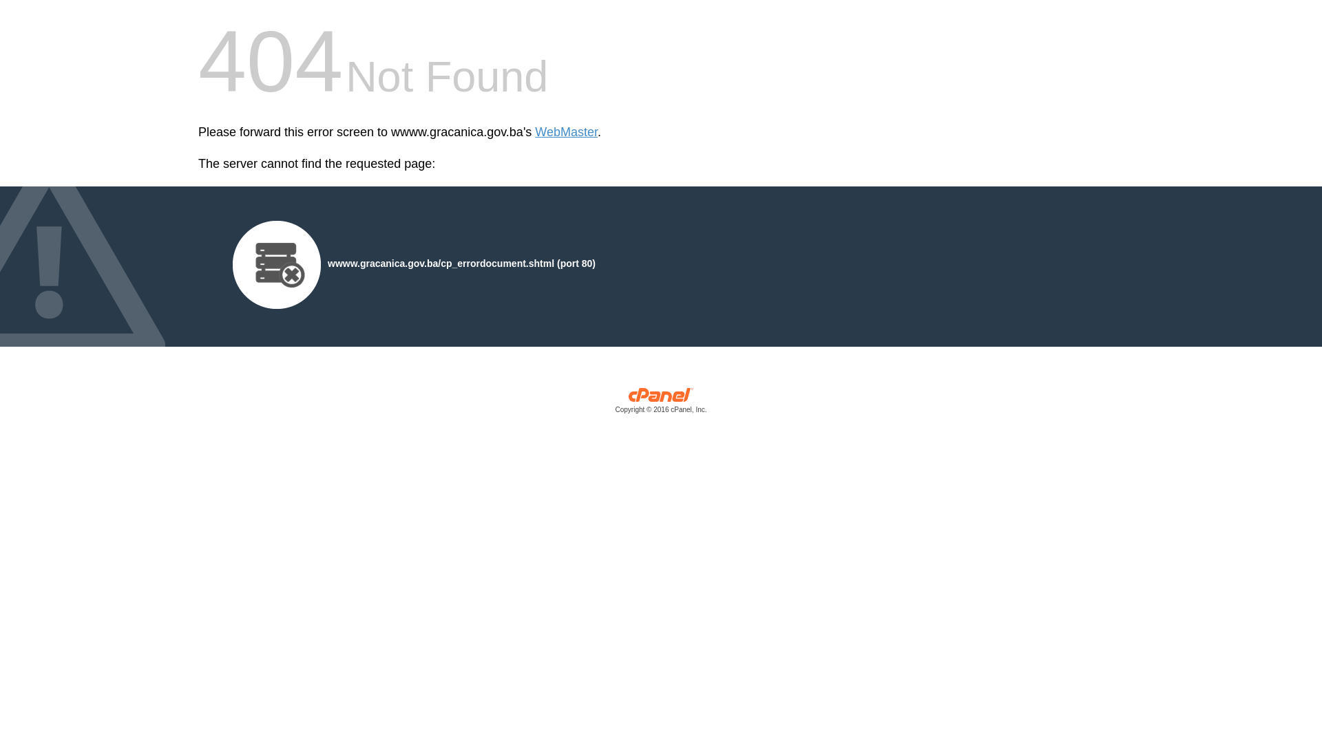 This screenshot has width=1322, height=743. What do you see at coordinates (566, 132) in the screenshot?
I see `'WebMaster'` at bounding box center [566, 132].